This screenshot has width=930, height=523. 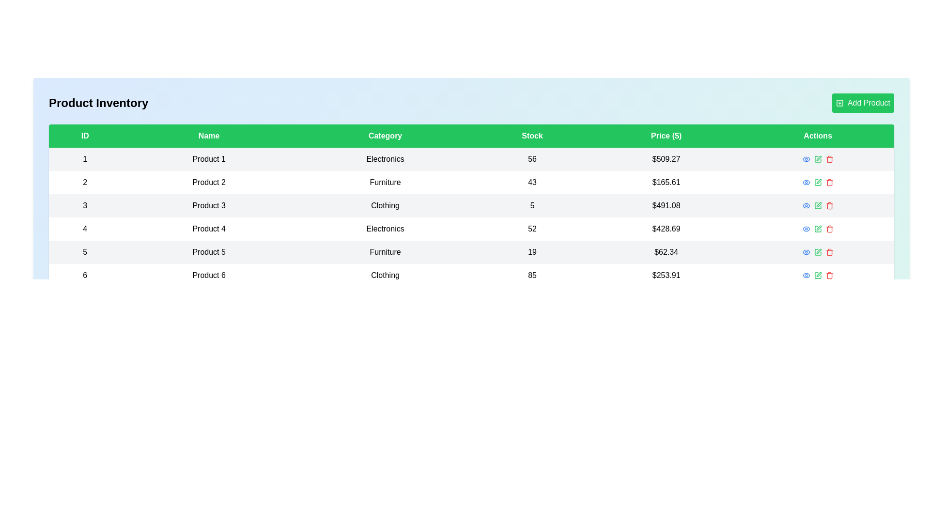 What do you see at coordinates (829, 276) in the screenshot?
I see `delete button for the product with ID 6` at bounding box center [829, 276].